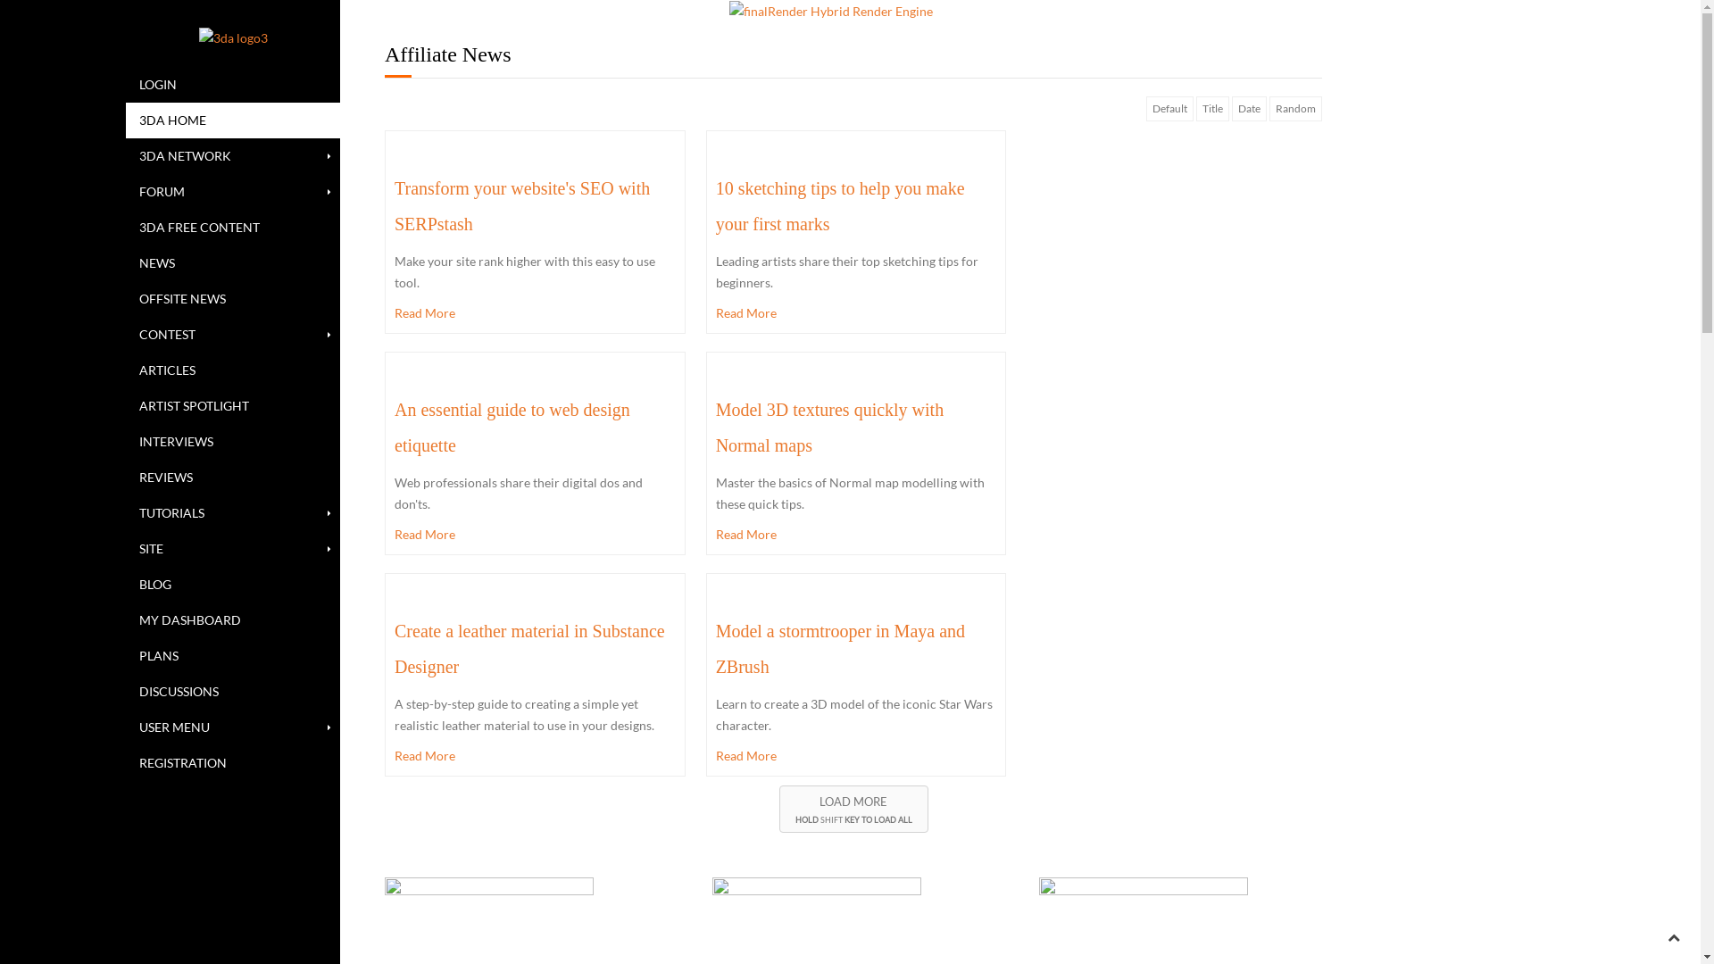 This screenshot has width=1714, height=964. What do you see at coordinates (231, 512) in the screenshot?
I see `'TUTORIALS'` at bounding box center [231, 512].